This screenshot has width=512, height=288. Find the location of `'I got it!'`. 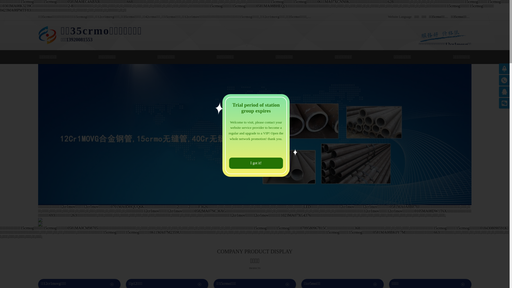

'I got it!' is located at coordinates (229, 163).